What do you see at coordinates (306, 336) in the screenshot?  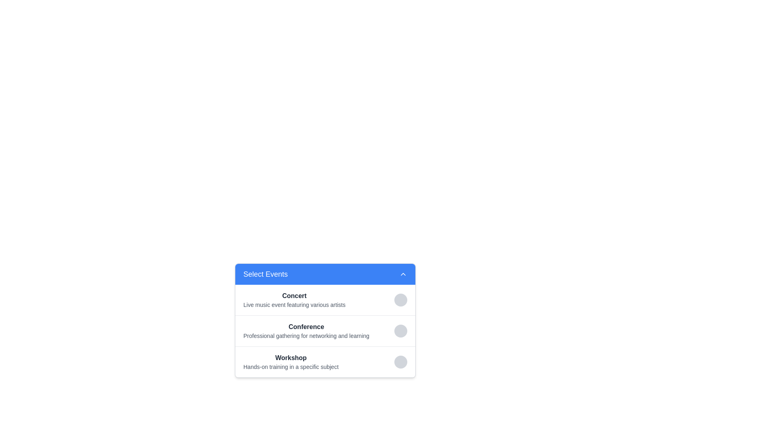 I see `the descriptive text label located directly below the bold text "Conference" in the dropdown section titled "Select Events."` at bounding box center [306, 336].